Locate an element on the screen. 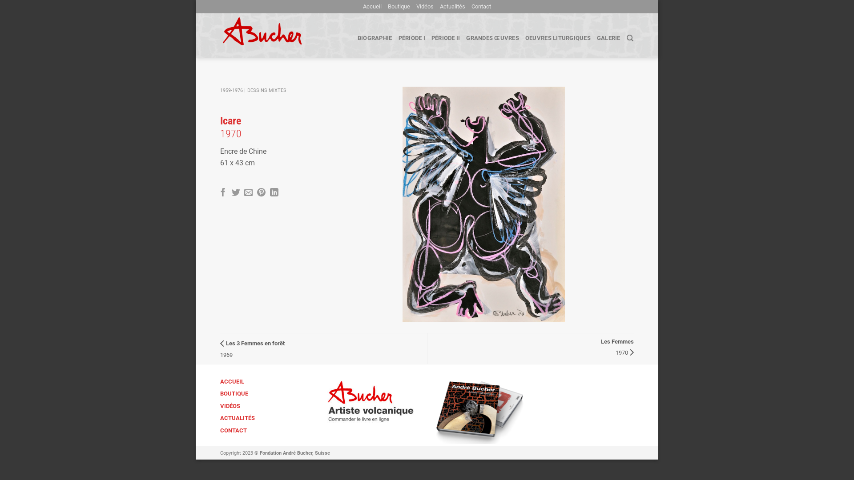 Image resolution: width=854 pixels, height=480 pixels. 'CONTACT' is located at coordinates (233, 430).